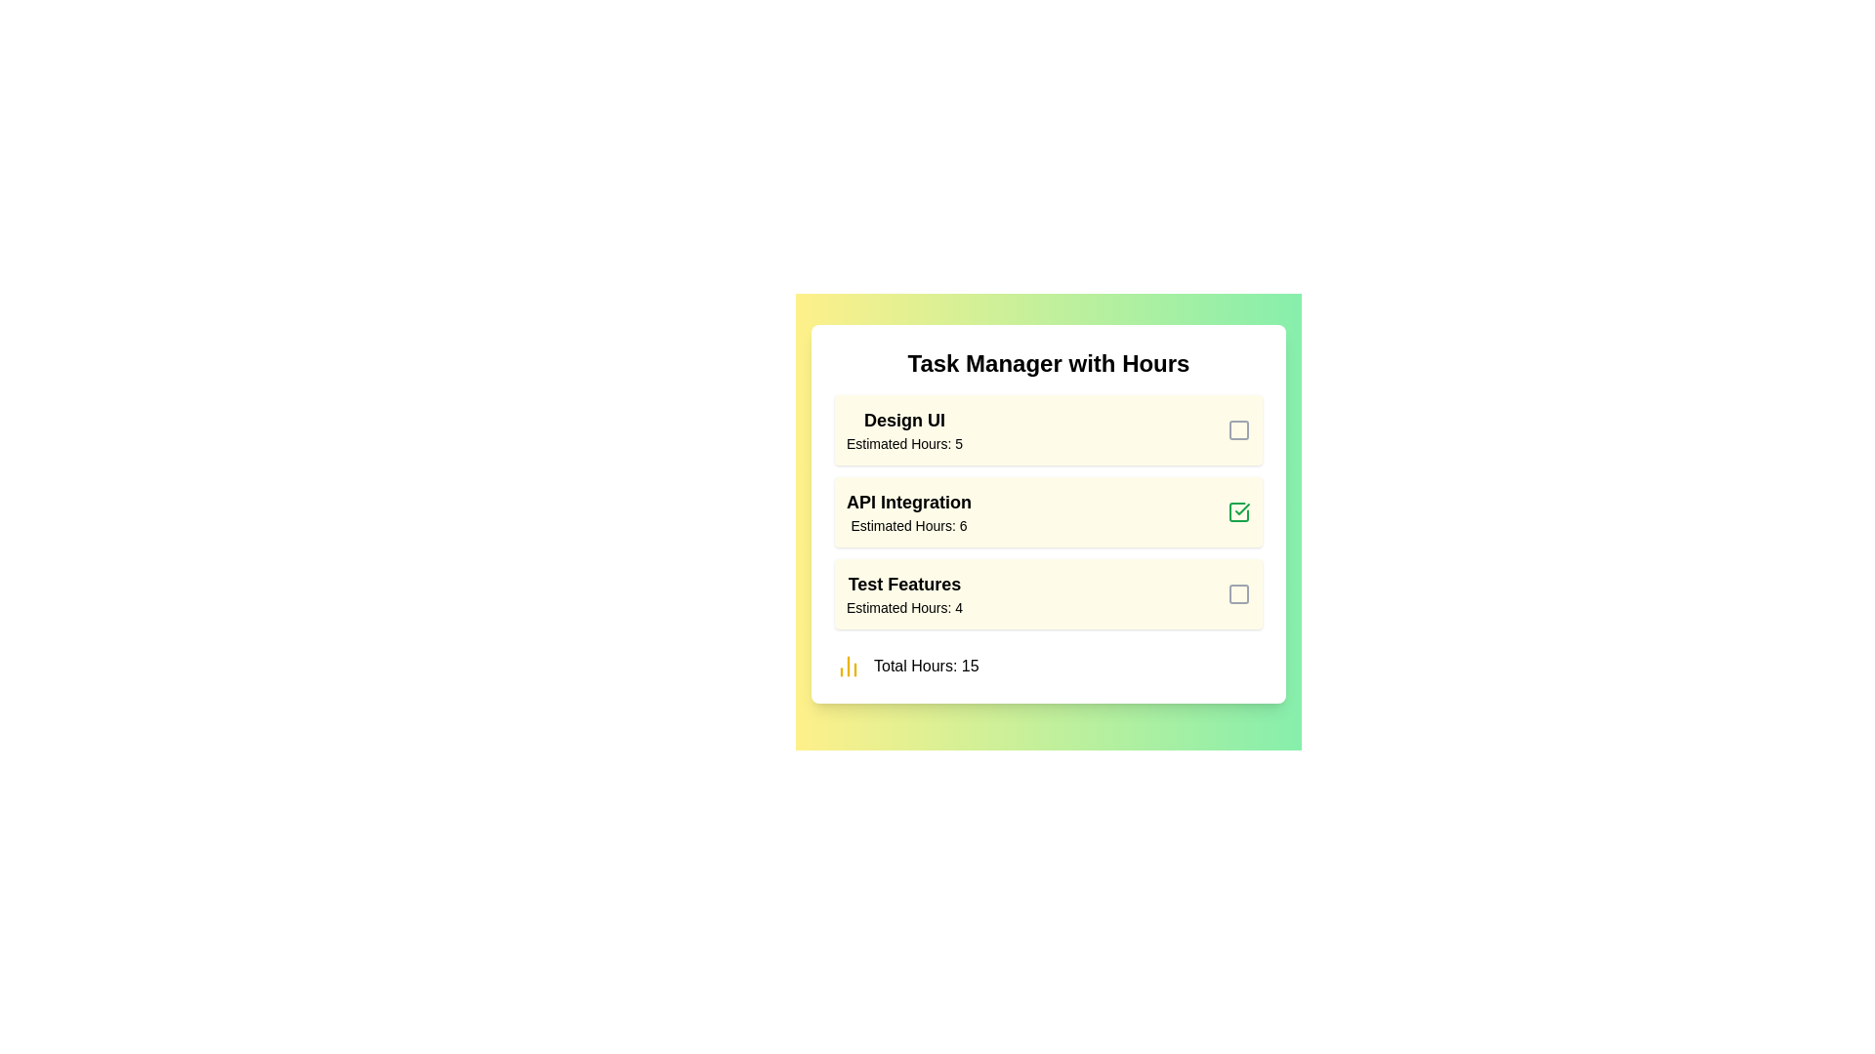 The height and width of the screenshot is (1054, 1875). I want to click on the bar chart icon to interact with the total hours representation, so click(848, 665).